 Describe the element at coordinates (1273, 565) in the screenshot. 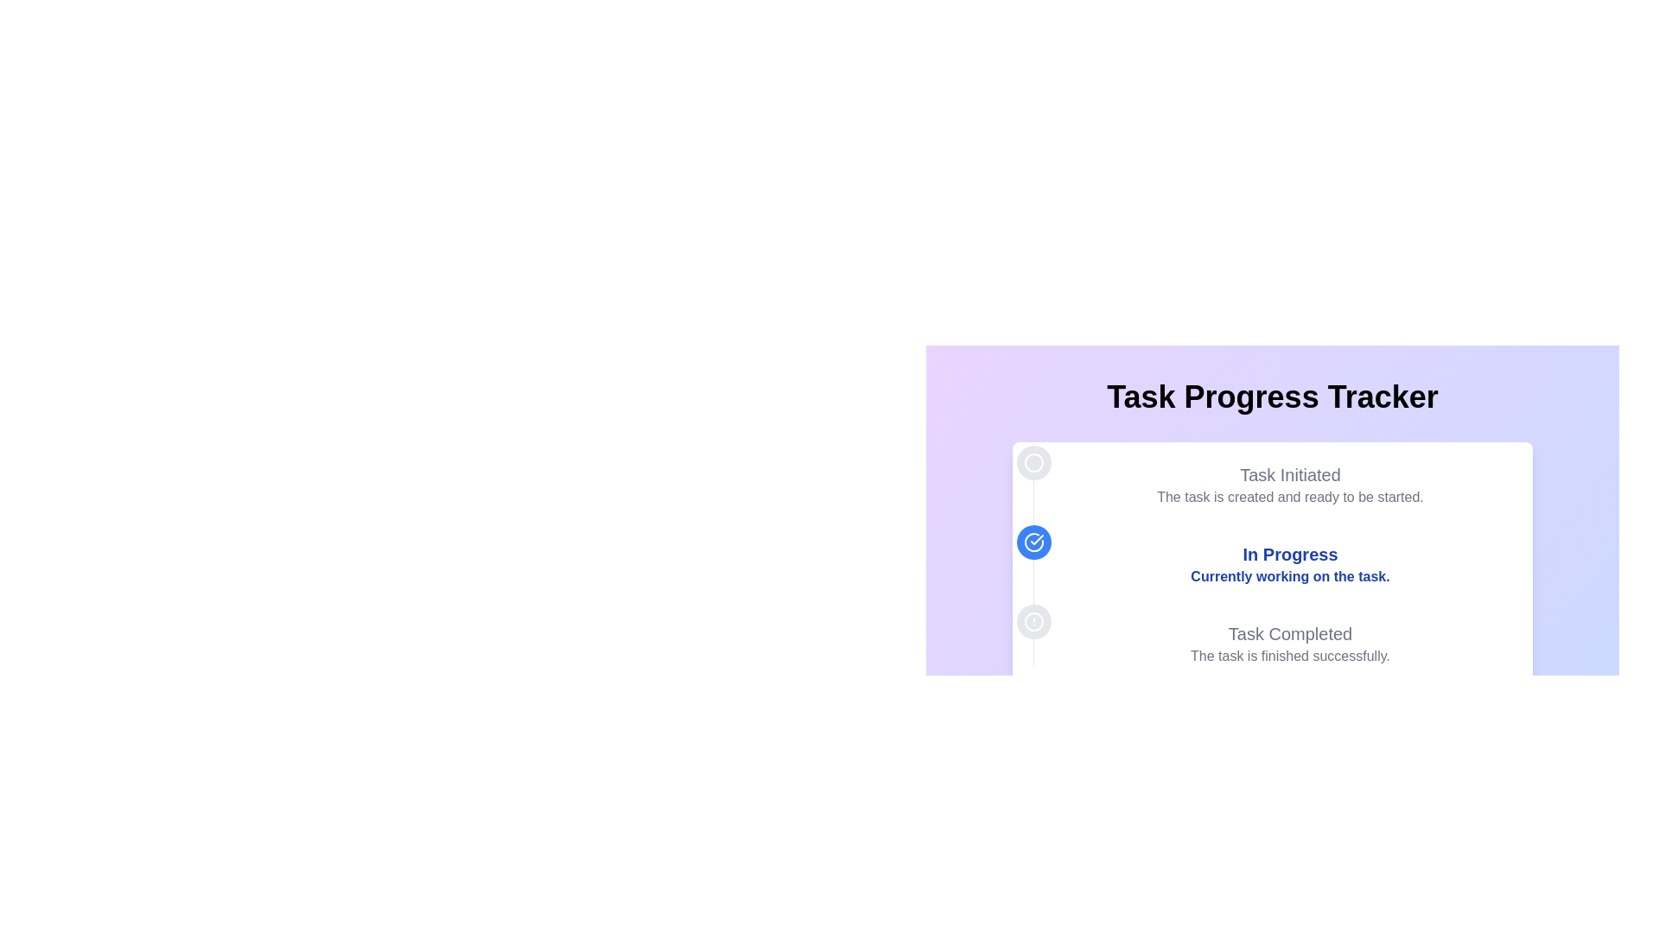

I see `status text indicating 'In Progress' within the second major block of the status sections in the rounded white card, positioned between 'Task Initiated' and 'Task Completed'` at that location.